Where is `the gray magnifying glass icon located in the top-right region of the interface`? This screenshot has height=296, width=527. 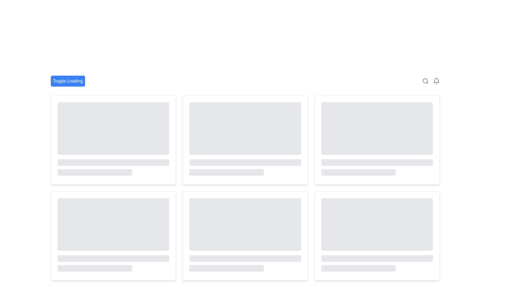 the gray magnifying glass icon located in the top-right region of the interface is located at coordinates (425, 81).